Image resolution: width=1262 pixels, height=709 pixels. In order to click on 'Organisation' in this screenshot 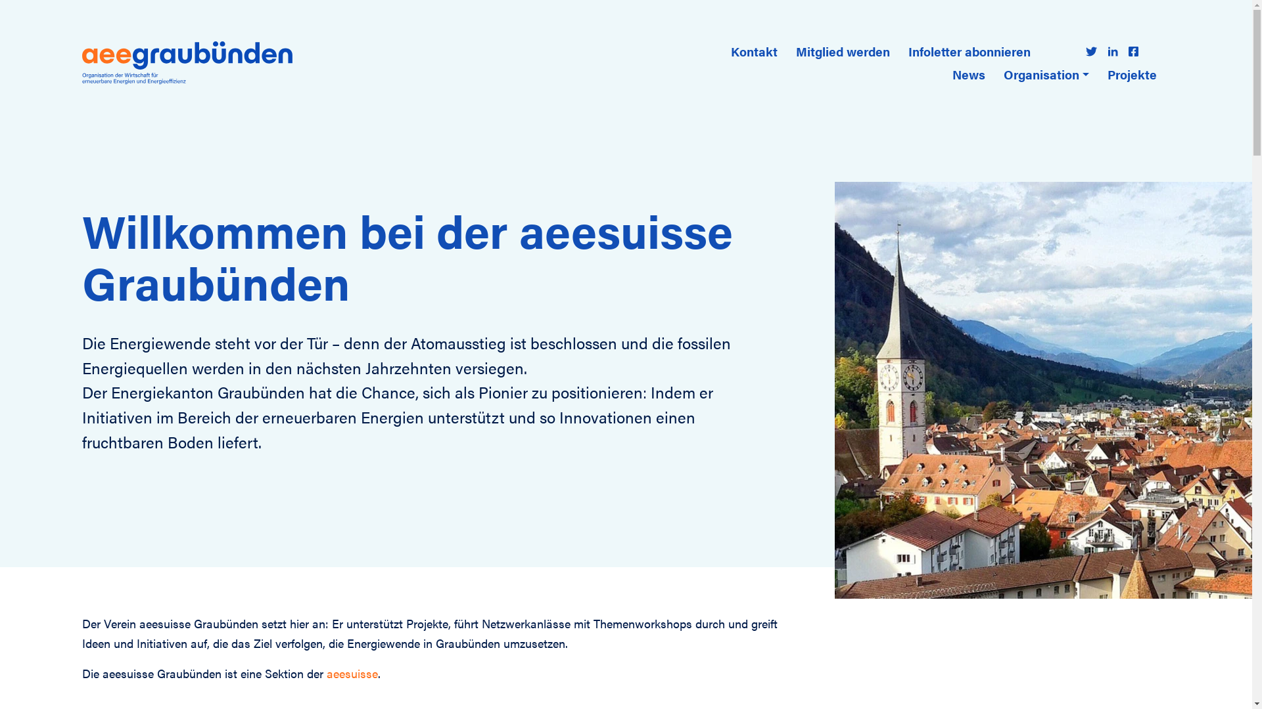, I will do `click(998, 74)`.